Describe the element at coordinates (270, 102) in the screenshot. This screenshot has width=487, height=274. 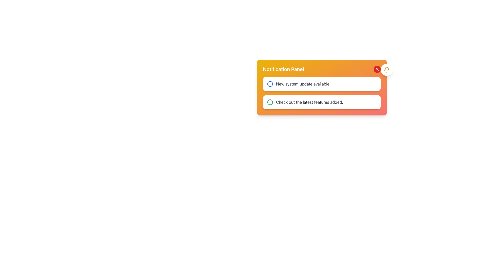
I see `the small circular information icon with a green stroke and white background, located to the left of the text 'Check out the latest features added' in the bottom right corner of the notification card` at that location.